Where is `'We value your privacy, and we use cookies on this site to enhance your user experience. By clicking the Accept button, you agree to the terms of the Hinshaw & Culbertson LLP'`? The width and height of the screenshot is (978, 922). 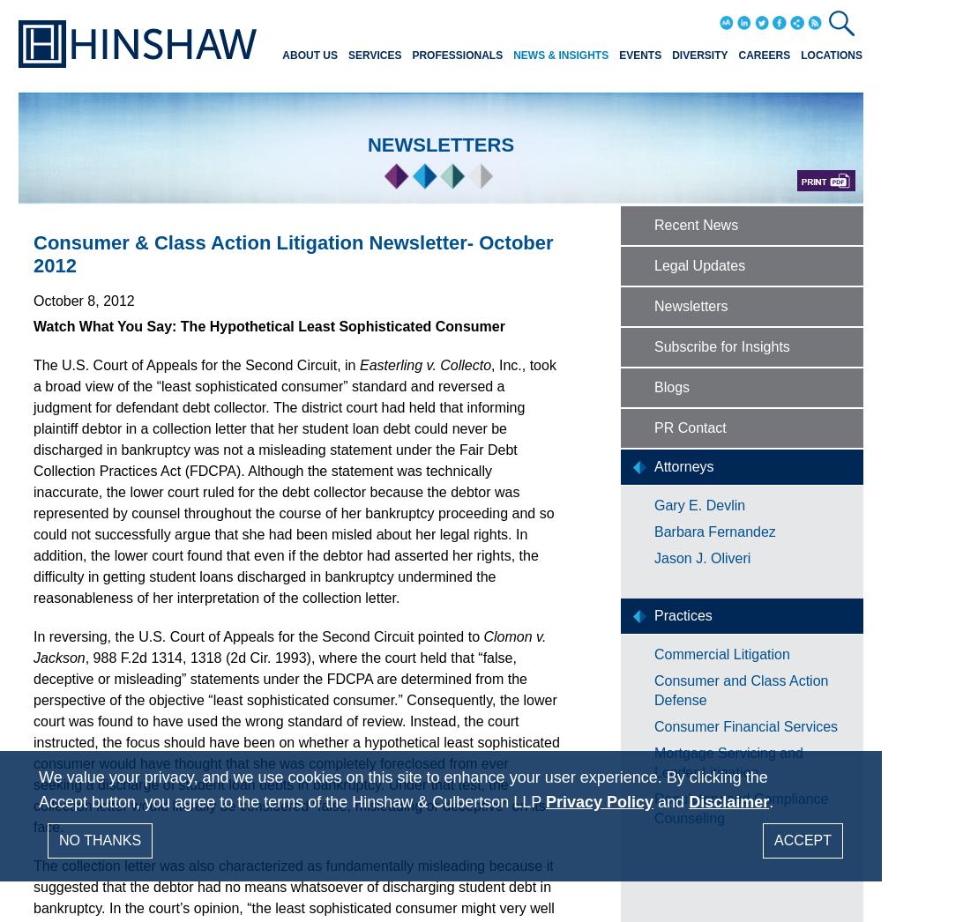 'We value your privacy, and we use cookies on this site to enhance your user experience. By clicking the Accept button, you agree to the terms of the Hinshaw & Culbertson LLP' is located at coordinates (402, 790).